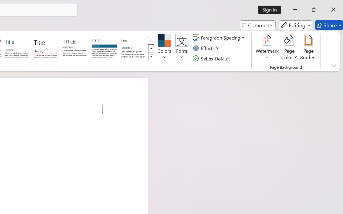  I want to click on 'Lines (Stylish)', so click(47, 47).